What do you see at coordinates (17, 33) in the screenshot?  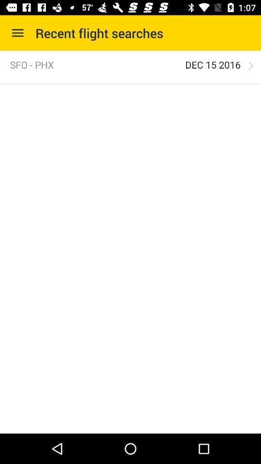 I see `the icon above the sfo - phx icon` at bounding box center [17, 33].